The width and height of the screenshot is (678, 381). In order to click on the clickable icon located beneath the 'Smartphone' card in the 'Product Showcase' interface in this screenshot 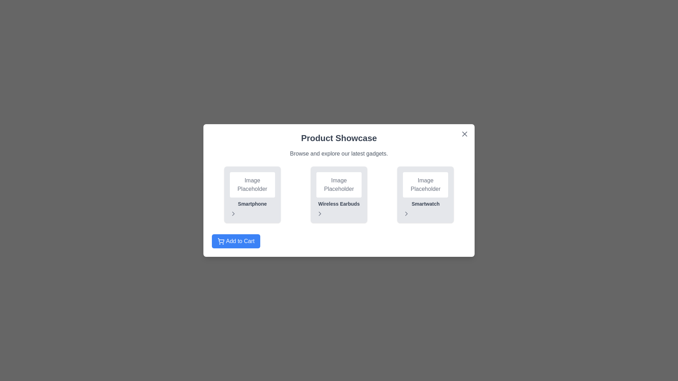, I will do `click(233, 213)`.